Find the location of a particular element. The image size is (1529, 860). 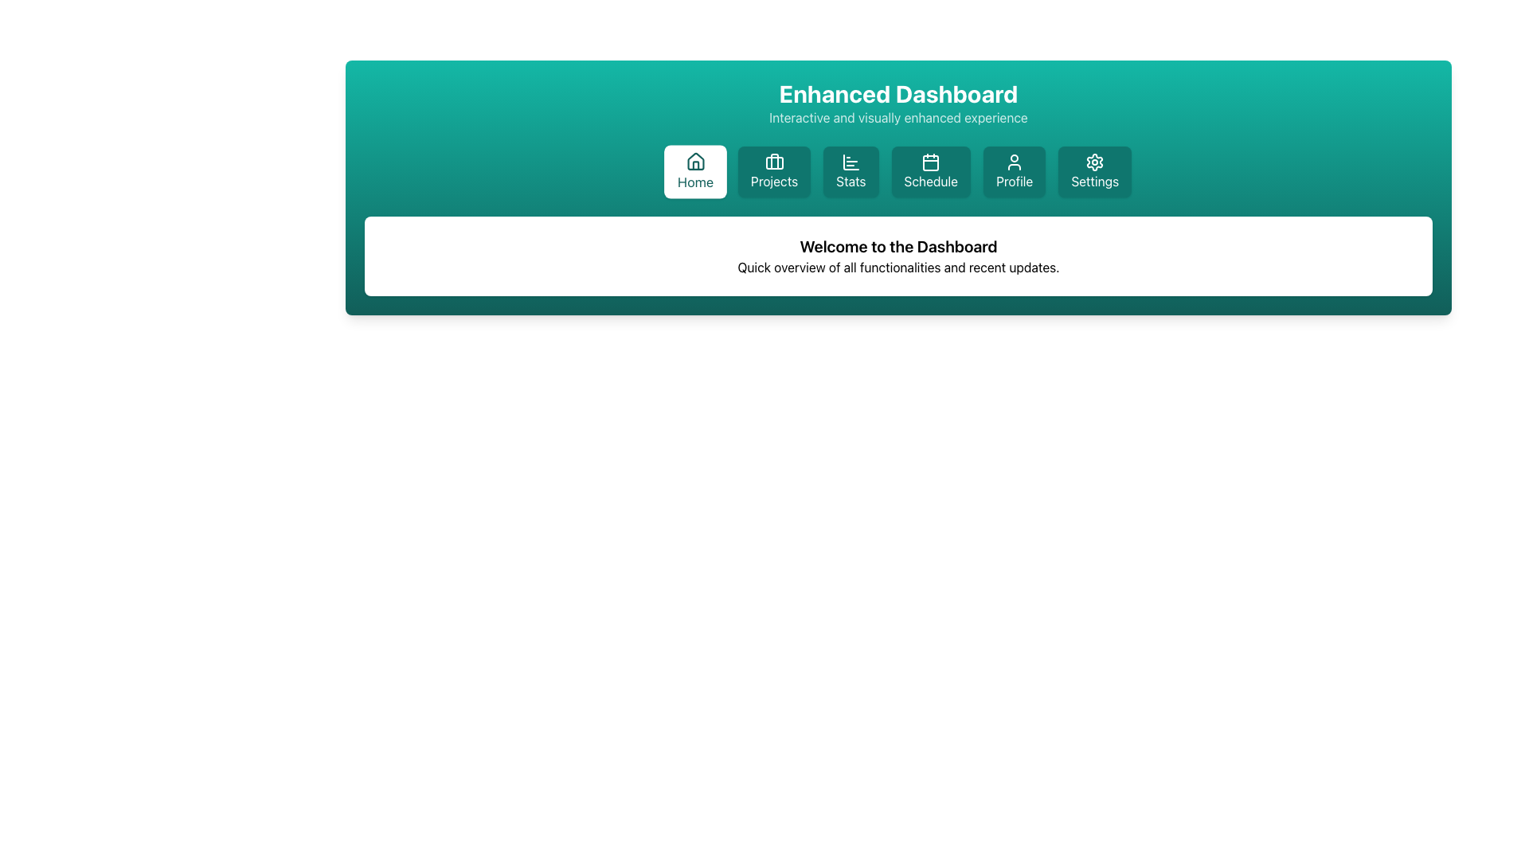

the Projects button, which contains the briefcase icon, by targeting the vertical line in the center of the icon is located at coordinates (774, 162).